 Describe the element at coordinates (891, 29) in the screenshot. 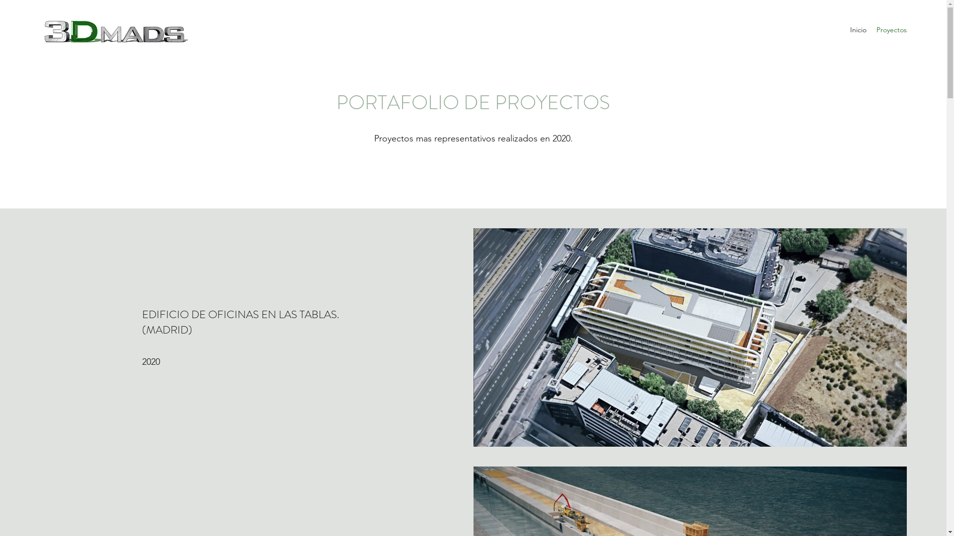

I see `'Proyectos'` at that location.